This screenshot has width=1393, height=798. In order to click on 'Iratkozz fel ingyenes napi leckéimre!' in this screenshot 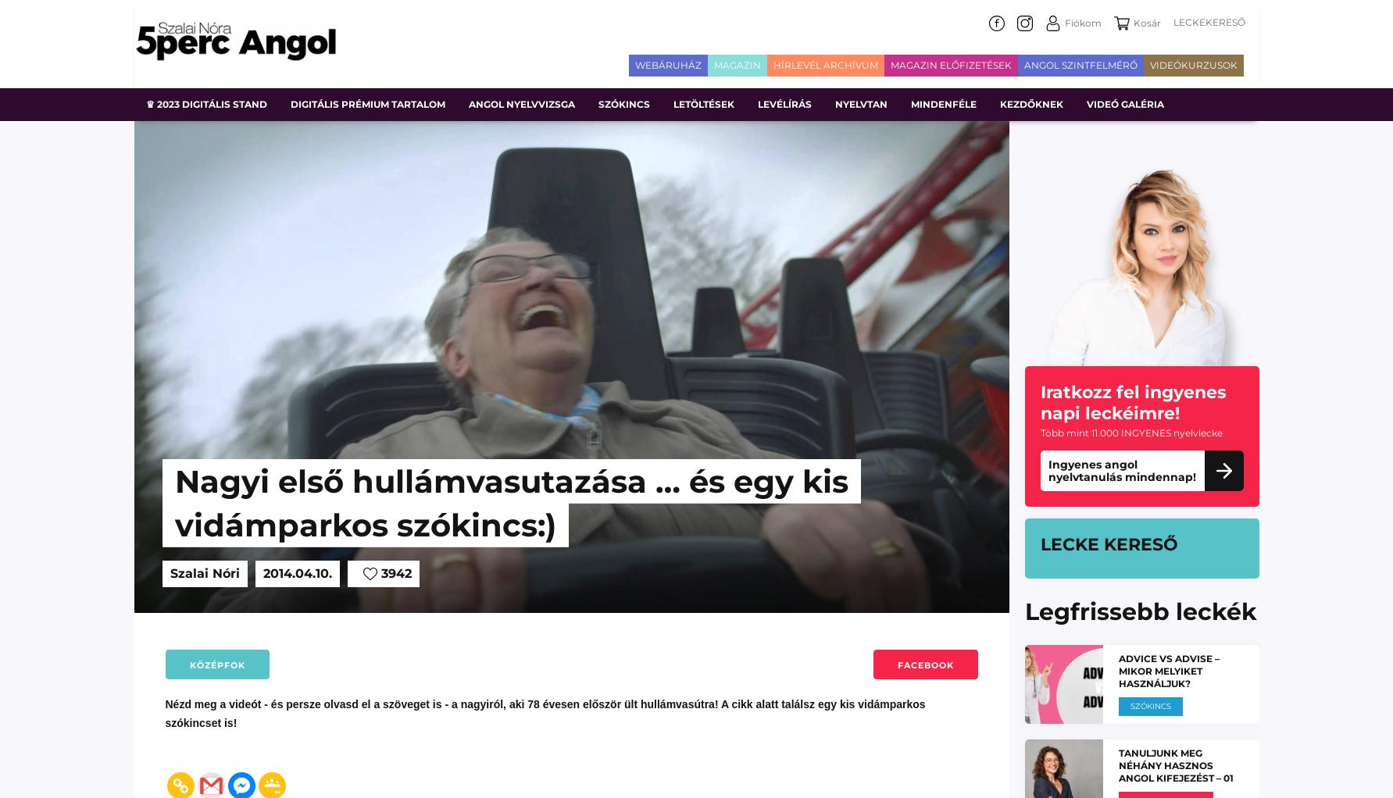, I will do `click(1132, 402)`.